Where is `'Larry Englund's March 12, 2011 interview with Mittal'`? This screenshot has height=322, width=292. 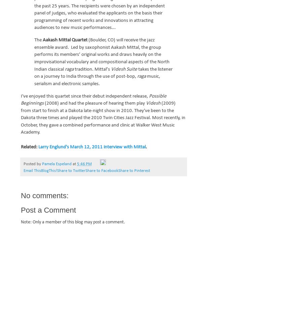
'Larry Englund's March 12, 2011 interview with Mittal' is located at coordinates (92, 146).